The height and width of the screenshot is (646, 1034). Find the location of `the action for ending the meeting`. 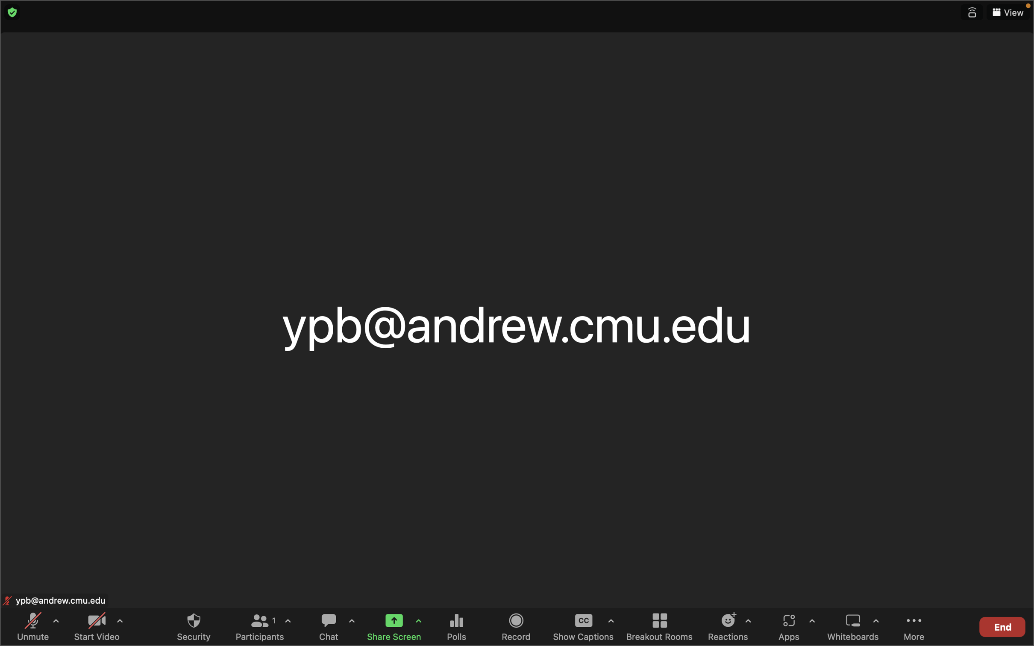

the action for ending the meeting is located at coordinates (1002, 625).